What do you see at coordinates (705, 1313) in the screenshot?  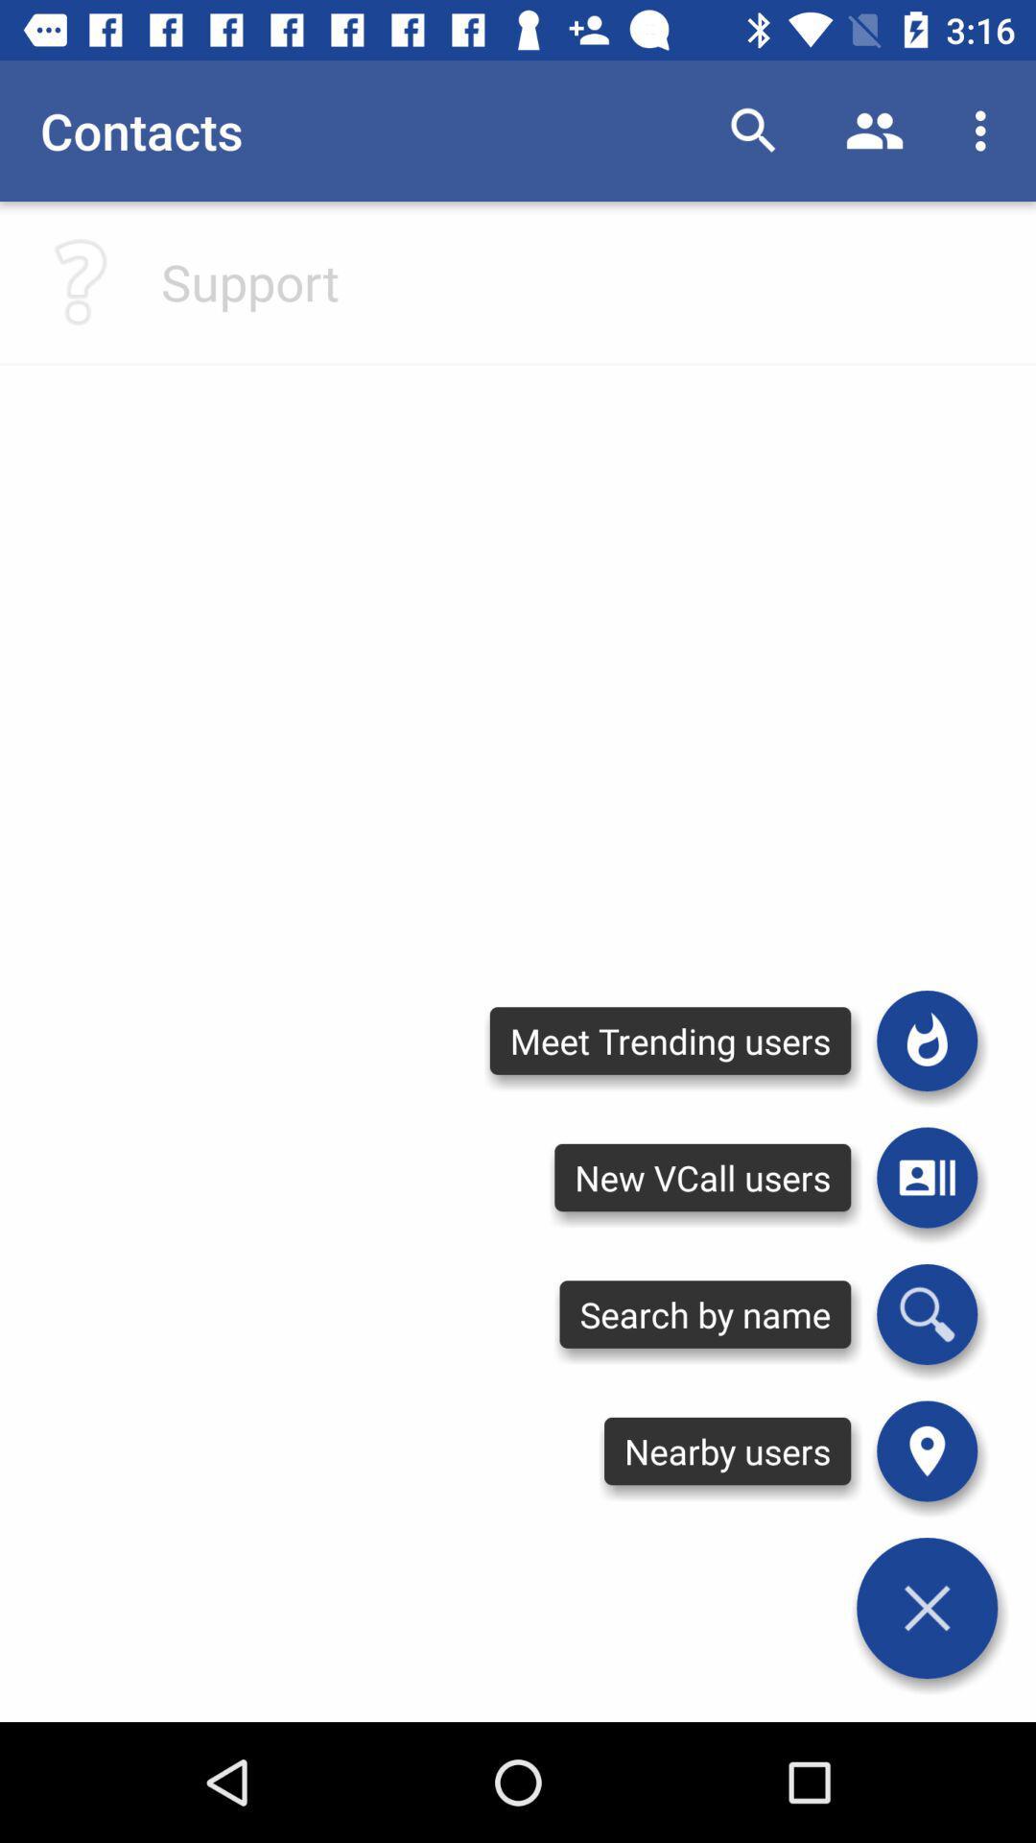 I see `the search by name icon` at bounding box center [705, 1313].